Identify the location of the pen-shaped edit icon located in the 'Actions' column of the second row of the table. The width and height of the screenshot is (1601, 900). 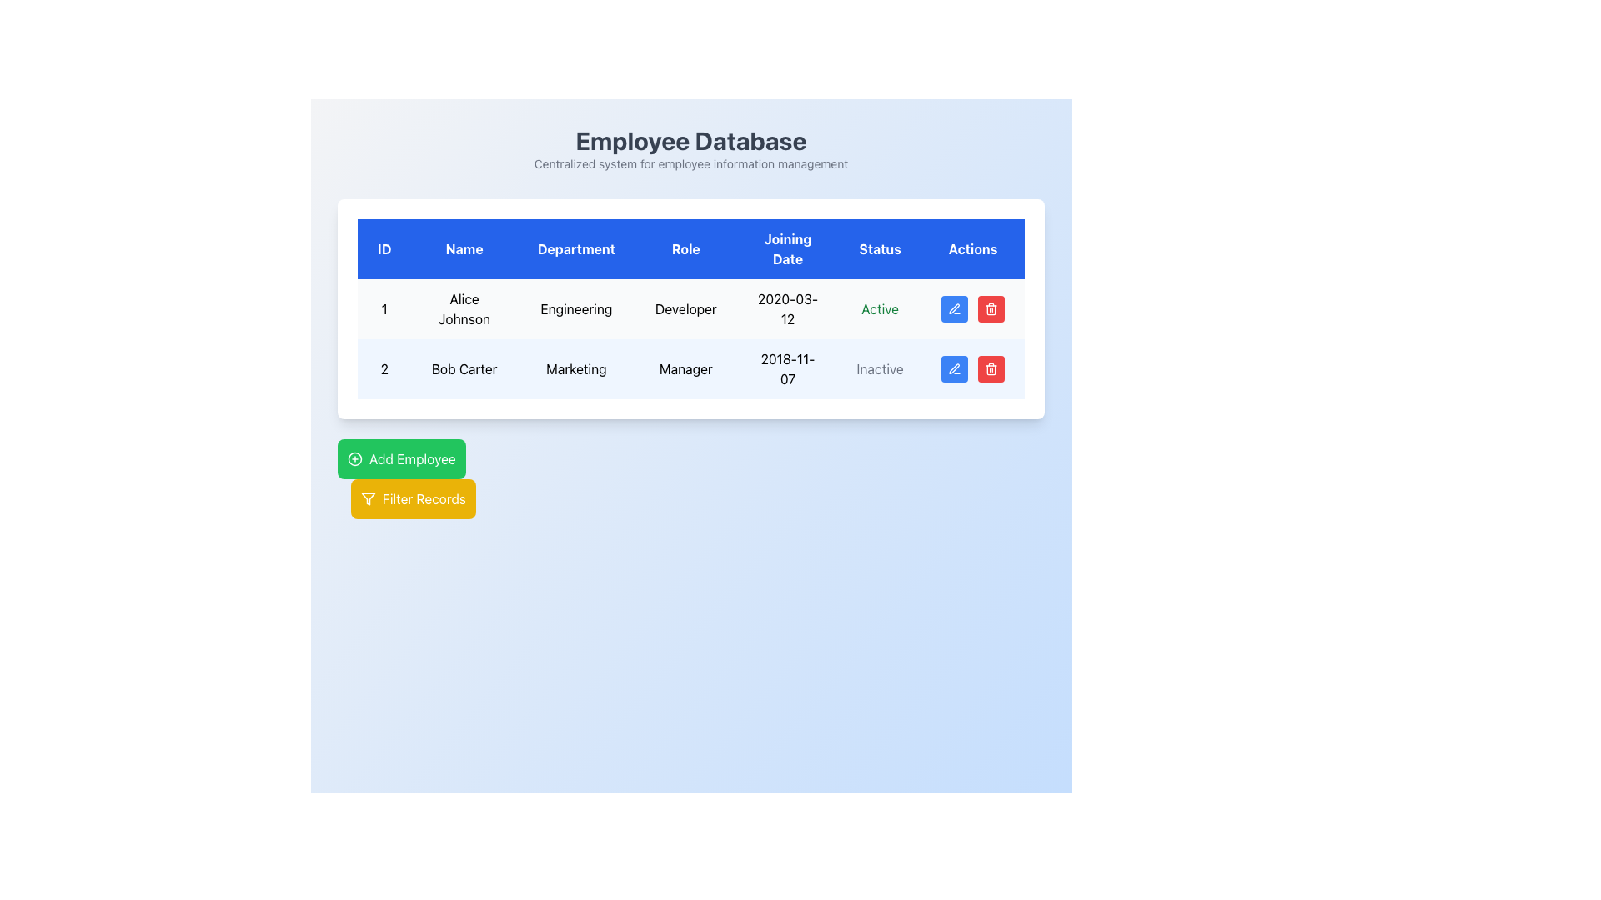
(954, 367).